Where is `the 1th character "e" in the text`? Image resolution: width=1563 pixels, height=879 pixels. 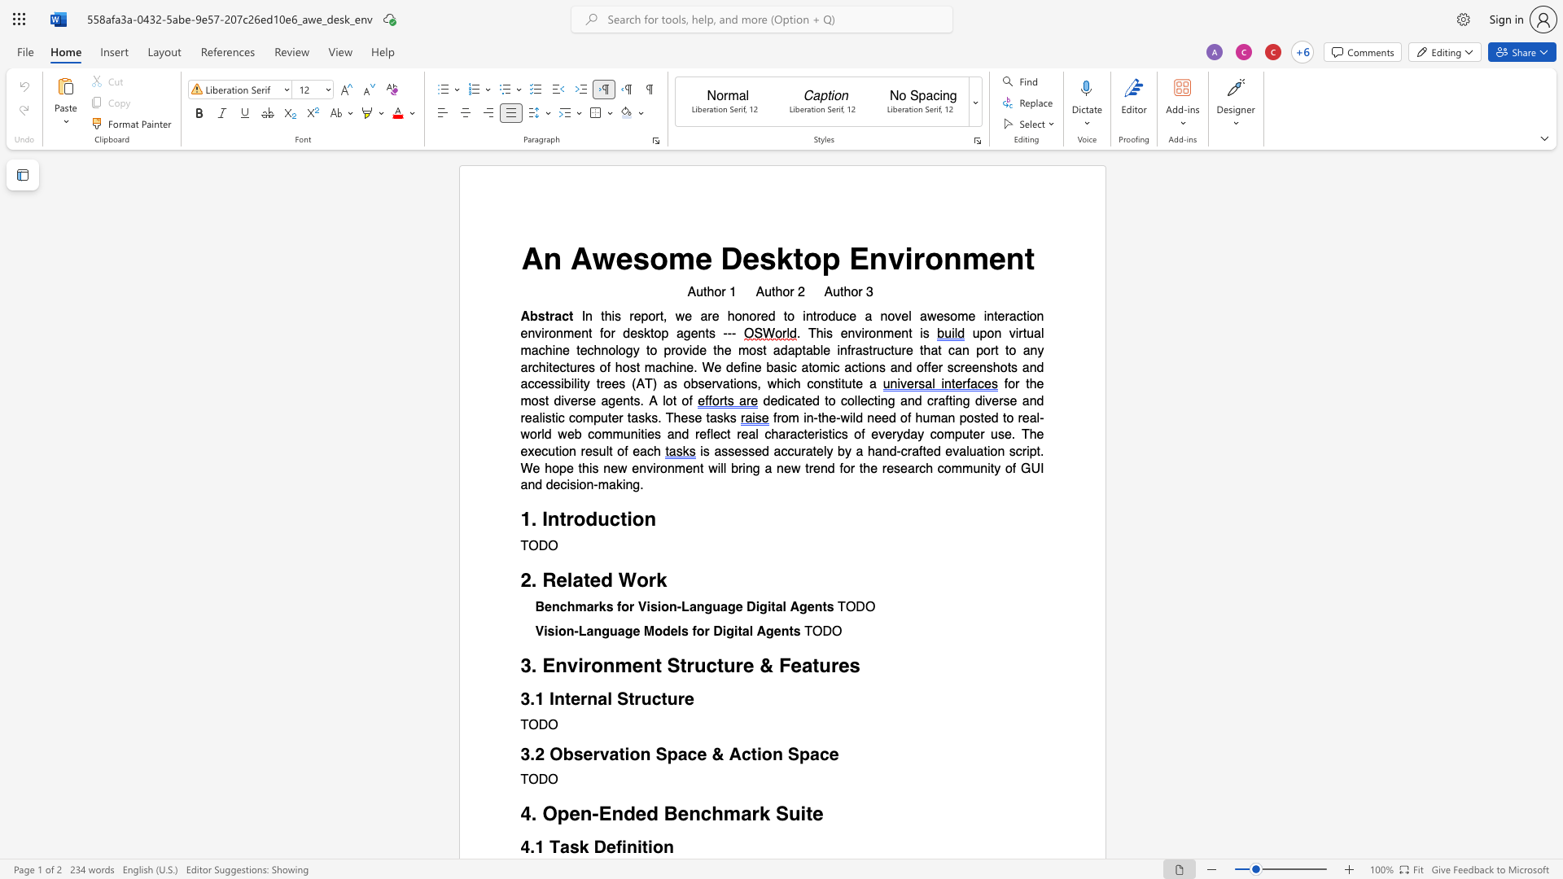 the 1th character "e" in the text is located at coordinates (737, 452).